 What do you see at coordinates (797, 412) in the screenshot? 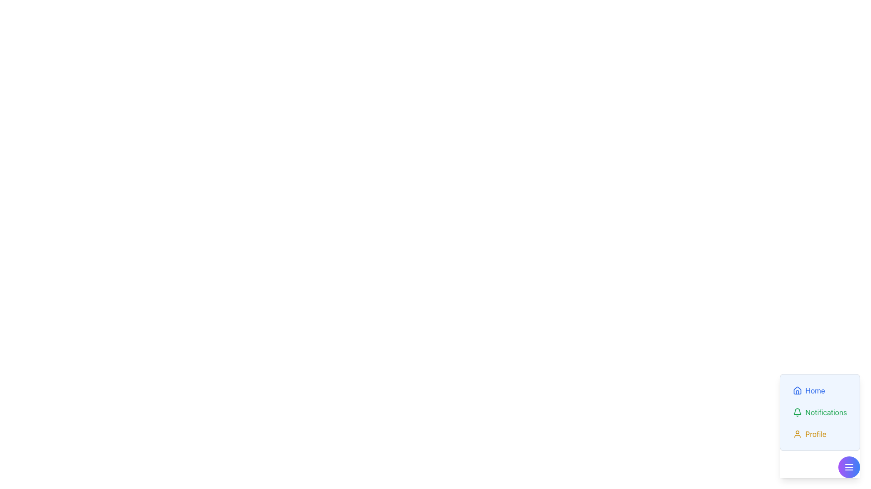
I see `the green bell icon representing notifications, located to the left of the 'Notifications' text in the bottom-right area of the interface` at bounding box center [797, 412].